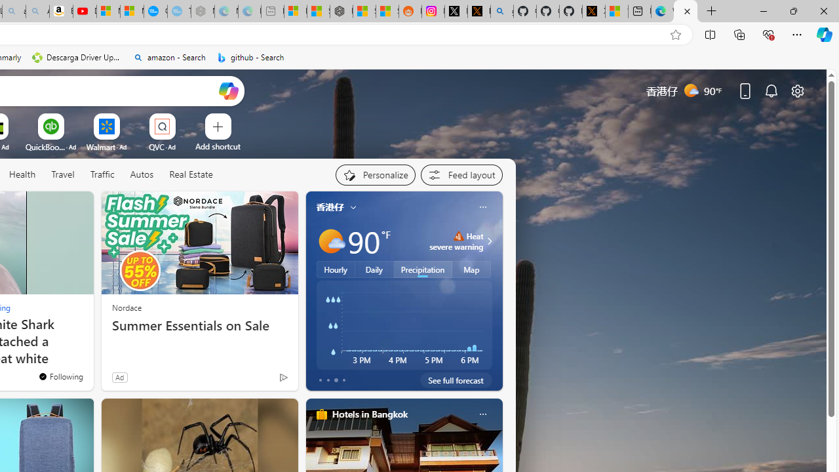  I want to click on 'Copilot (Ctrl+Shift+.)', so click(824, 33).